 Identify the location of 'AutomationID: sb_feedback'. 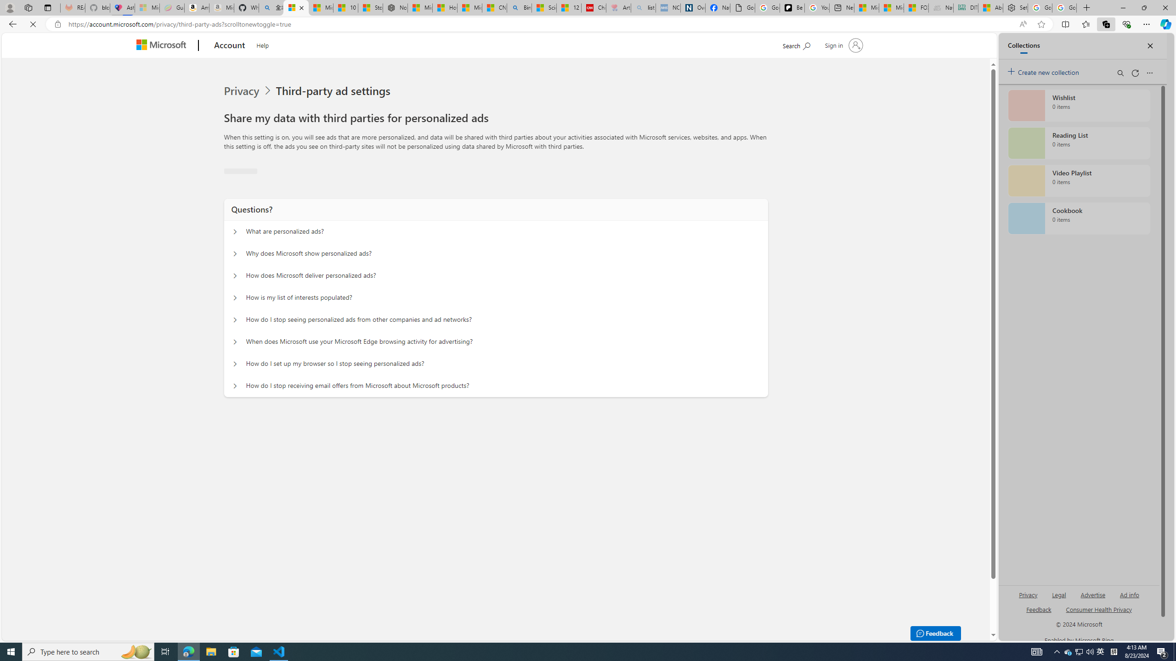
(1039, 608).